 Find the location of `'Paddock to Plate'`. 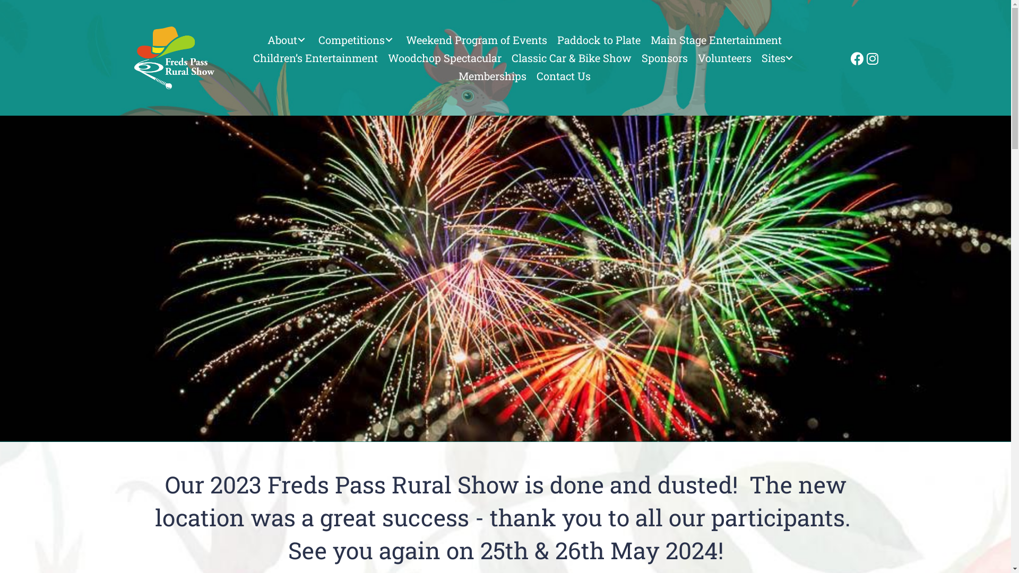

'Paddock to Plate' is located at coordinates (599, 39).